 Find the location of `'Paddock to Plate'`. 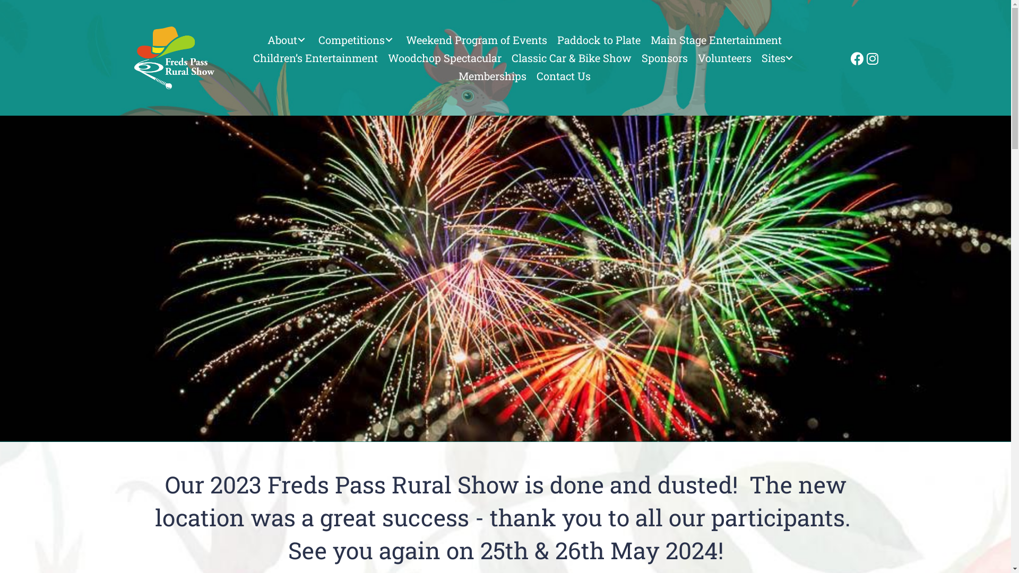

'Paddock to Plate' is located at coordinates (599, 39).